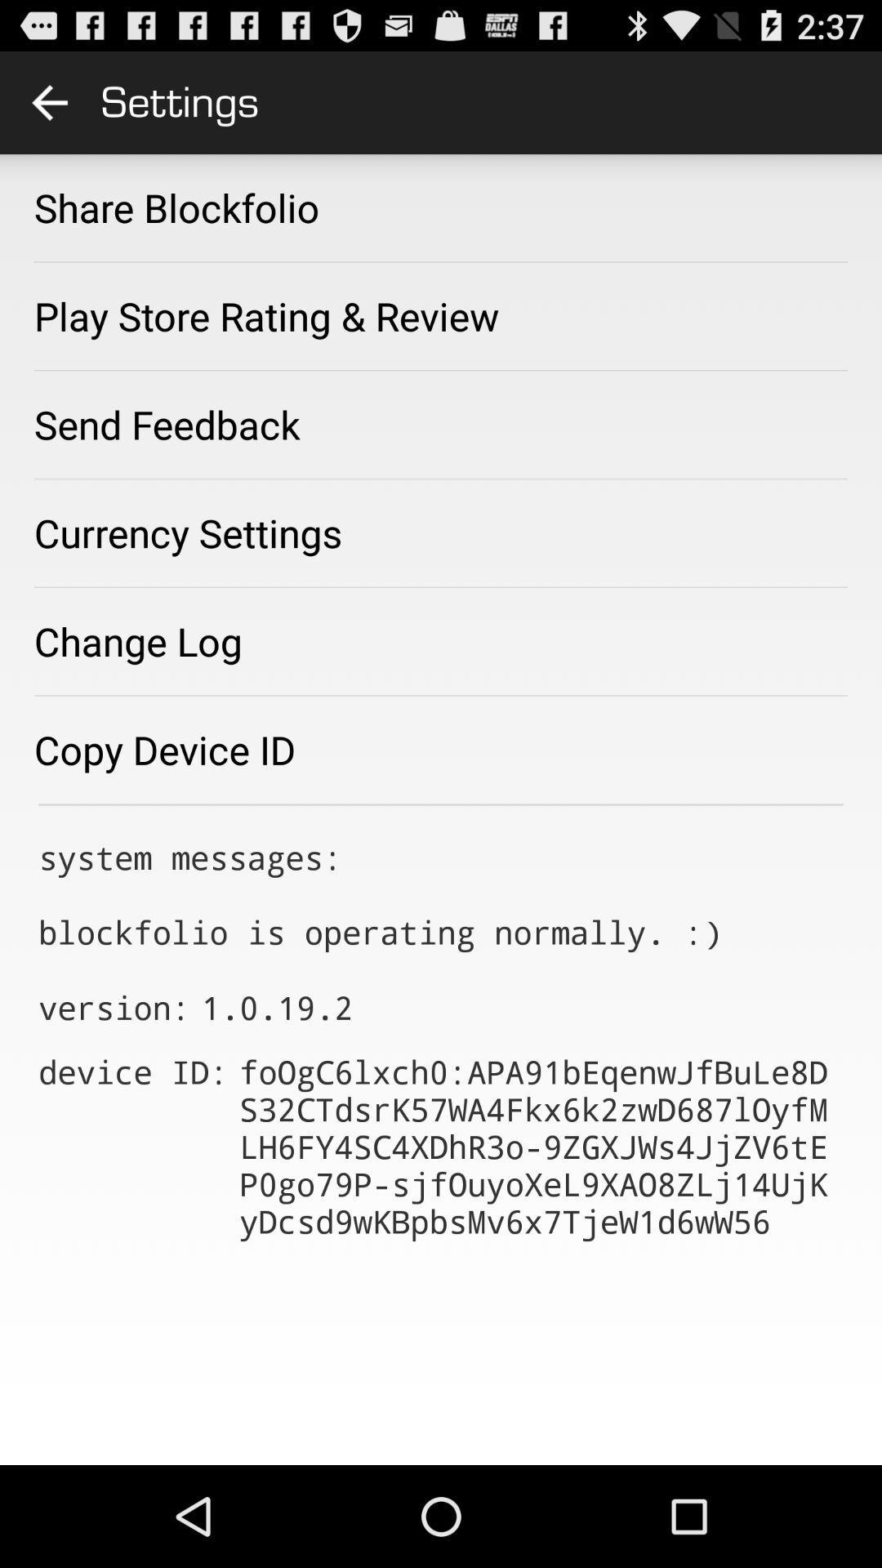  What do you see at coordinates (380, 893) in the screenshot?
I see `the system messages blockfolio app` at bounding box center [380, 893].